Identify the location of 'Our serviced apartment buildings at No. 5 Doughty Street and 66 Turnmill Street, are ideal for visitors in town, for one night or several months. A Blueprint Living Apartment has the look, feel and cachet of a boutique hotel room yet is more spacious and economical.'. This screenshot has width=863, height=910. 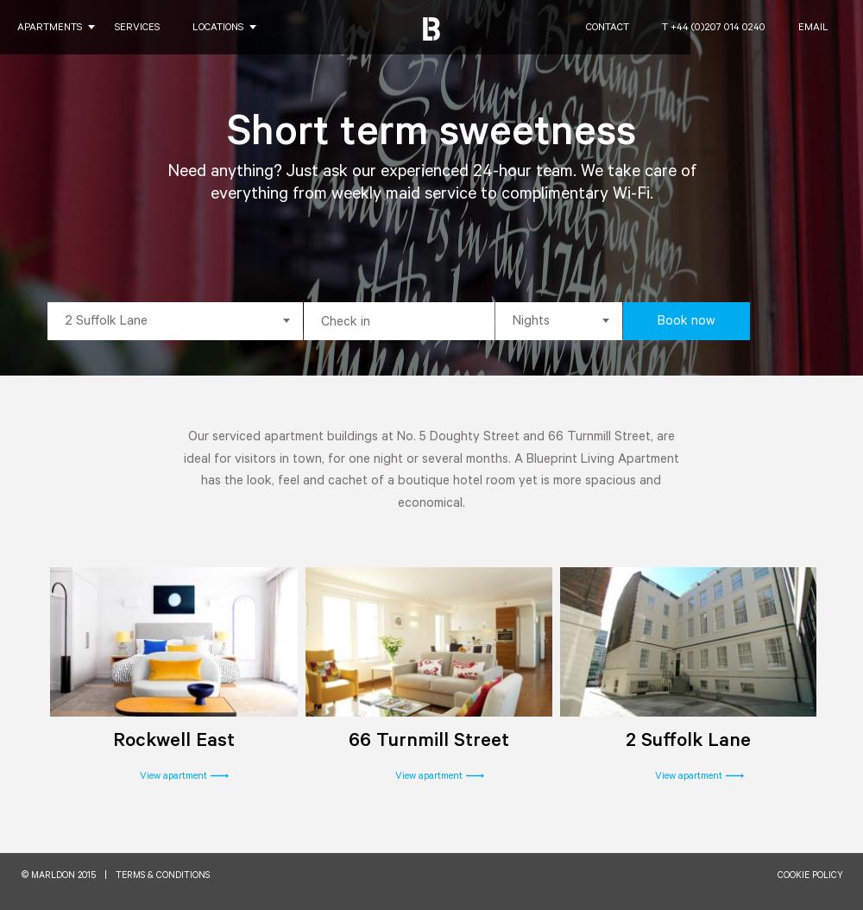
(430, 471).